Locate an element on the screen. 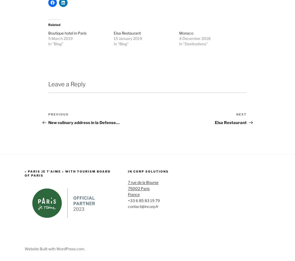  '75002 Paris' is located at coordinates (138, 232).